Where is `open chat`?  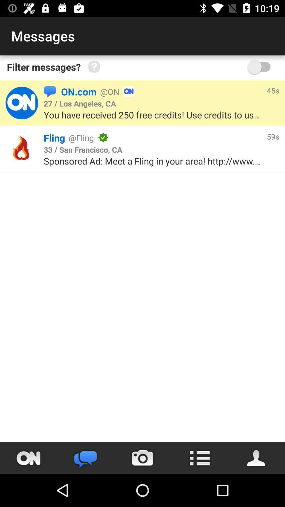
open chat is located at coordinates (85, 458).